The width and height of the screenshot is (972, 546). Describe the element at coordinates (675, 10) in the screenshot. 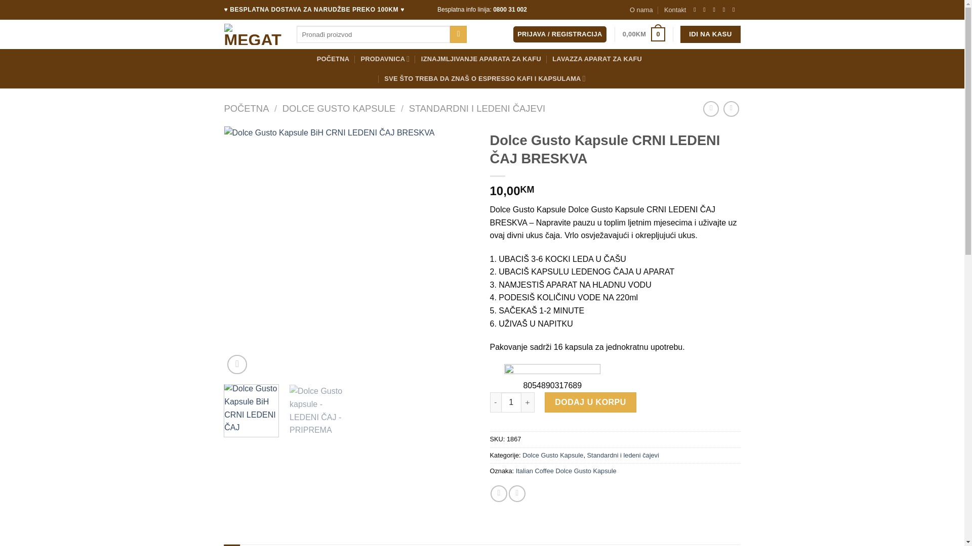

I see `'Kontakt'` at that location.